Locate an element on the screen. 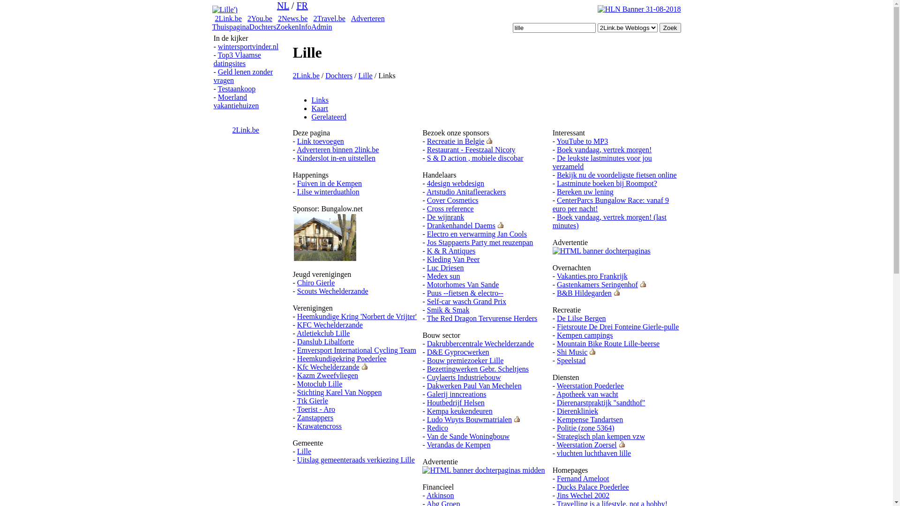 This screenshot has height=506, width=900. 'Strategisch plan kempen vzw' is located at coordinates (600, 436).